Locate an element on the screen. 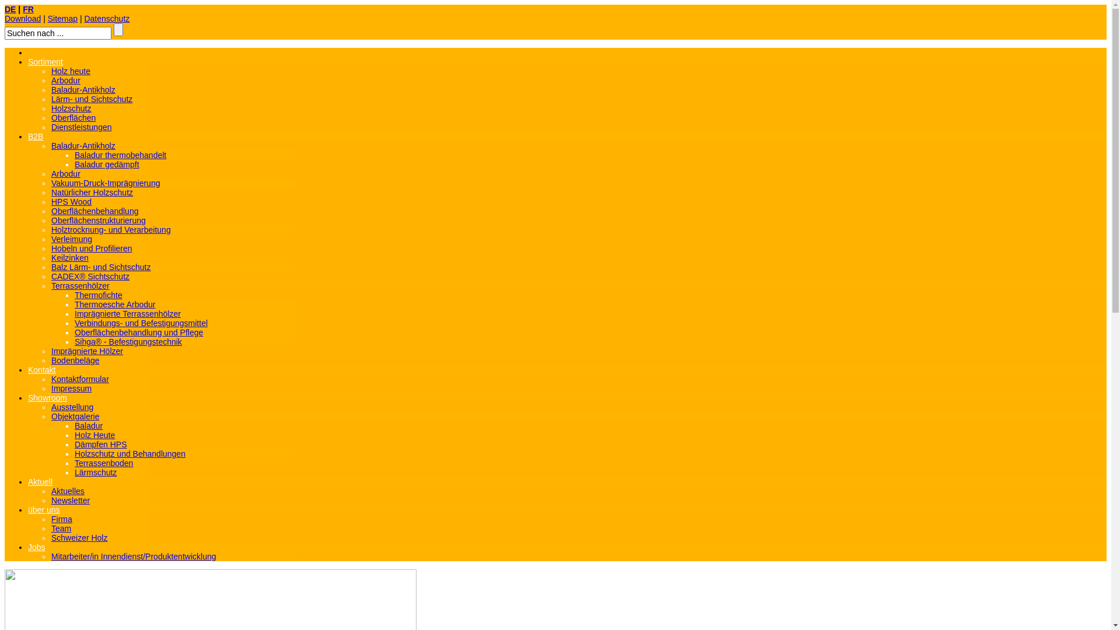 The width and height of the screenshot is (1120, 630). 'Baladur-Antikholz' is located at coordinates (83, 89).